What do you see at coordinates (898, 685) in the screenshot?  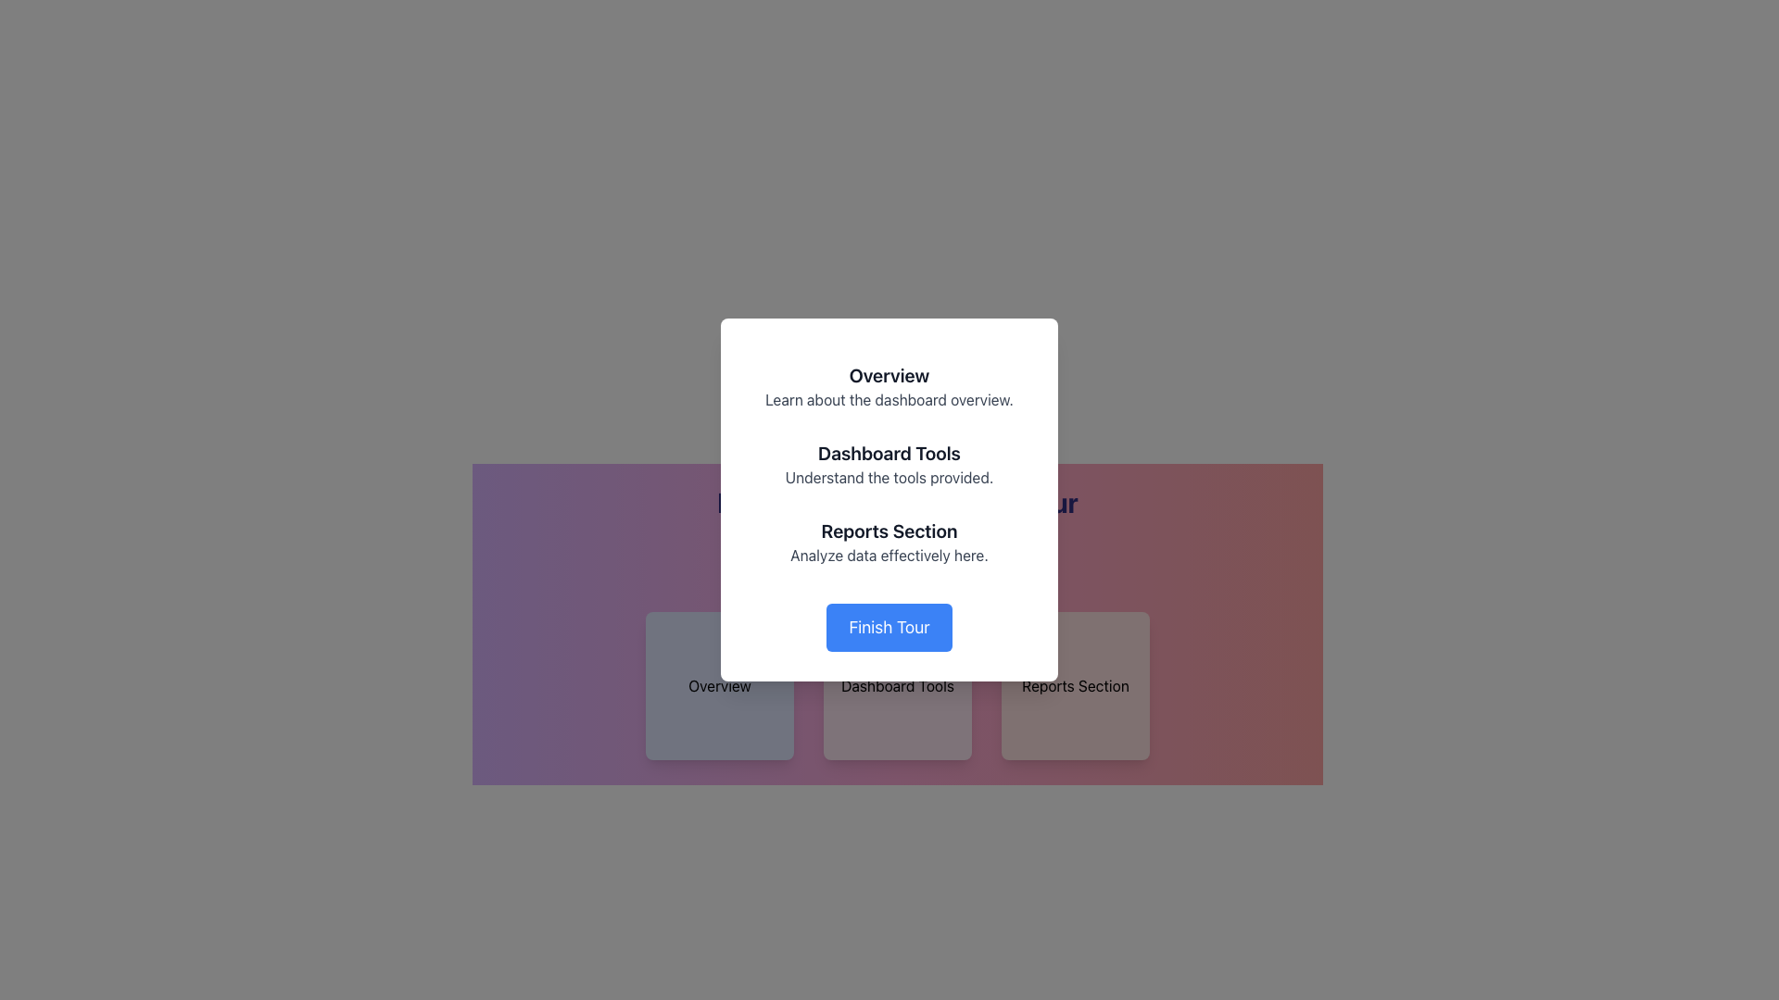 I see `the Card-like navigation element which is located in the central column of the three-column grid layout, positioned between the 'Overview' and 'Reports Section' elements` at bounding box center [898, 685].